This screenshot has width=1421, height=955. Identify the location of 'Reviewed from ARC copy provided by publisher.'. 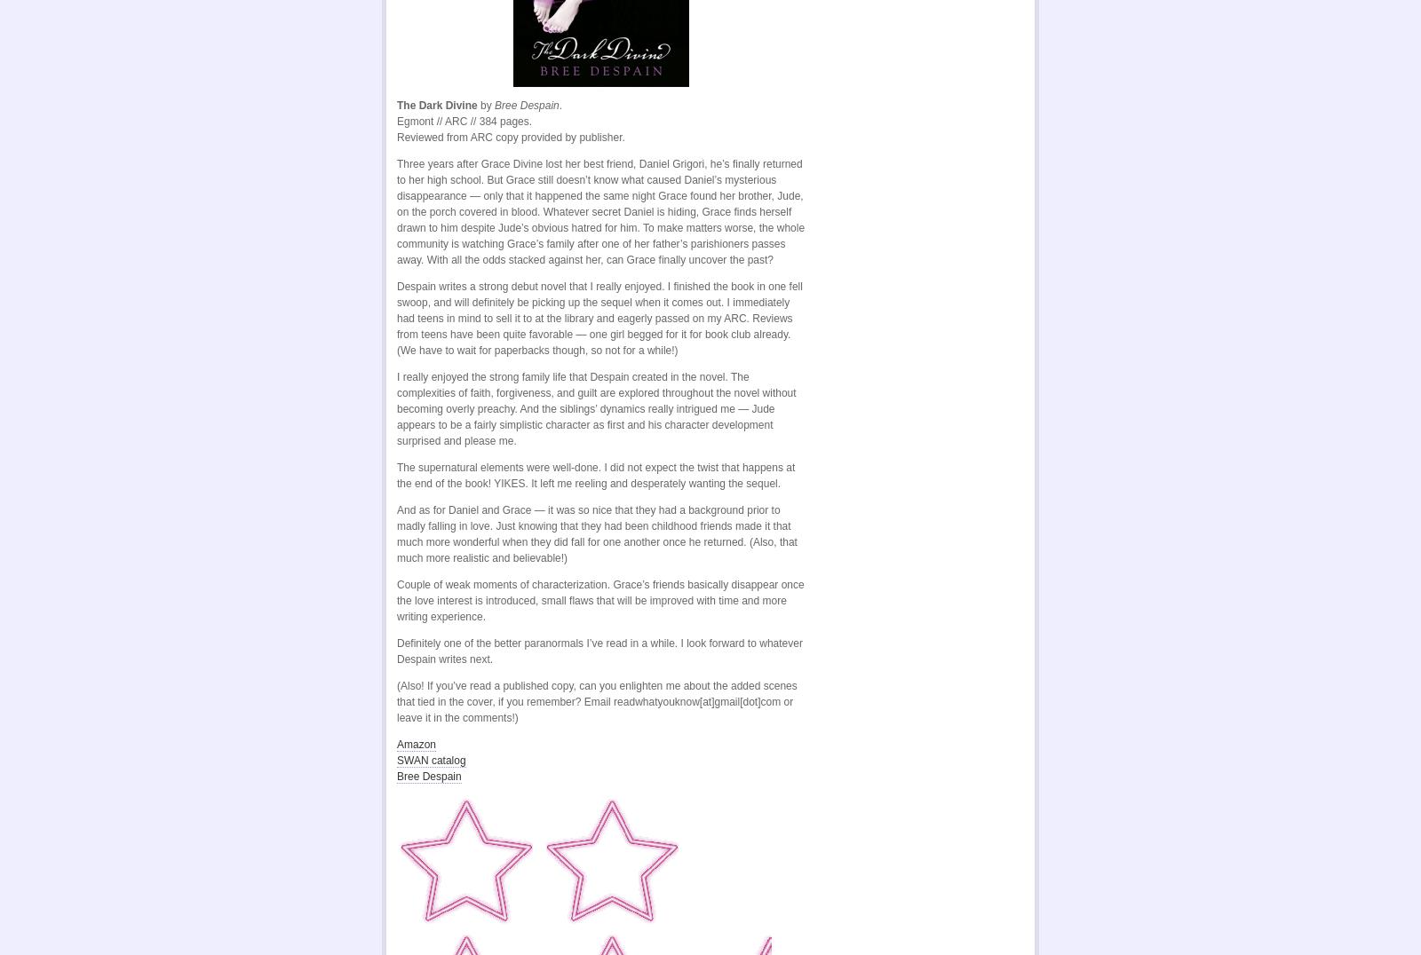
(510, 138).